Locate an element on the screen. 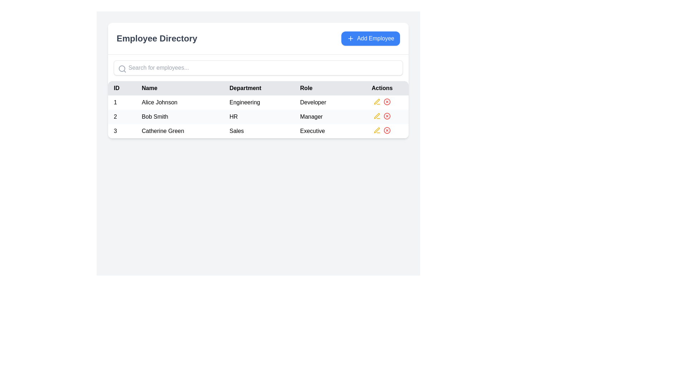 The image size is (687, 386). to interact with the second row in the employee directory table displaying Bob Smith's information from the HR department is located at coordinates (258, 117).